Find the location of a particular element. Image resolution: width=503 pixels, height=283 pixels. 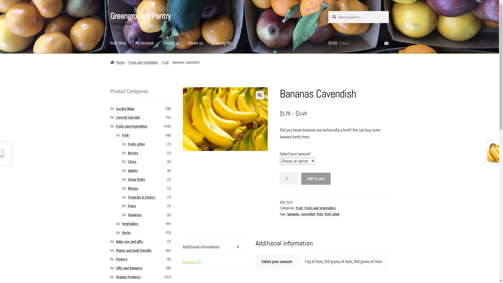

'My Account' is located at coordinates (145, 43).